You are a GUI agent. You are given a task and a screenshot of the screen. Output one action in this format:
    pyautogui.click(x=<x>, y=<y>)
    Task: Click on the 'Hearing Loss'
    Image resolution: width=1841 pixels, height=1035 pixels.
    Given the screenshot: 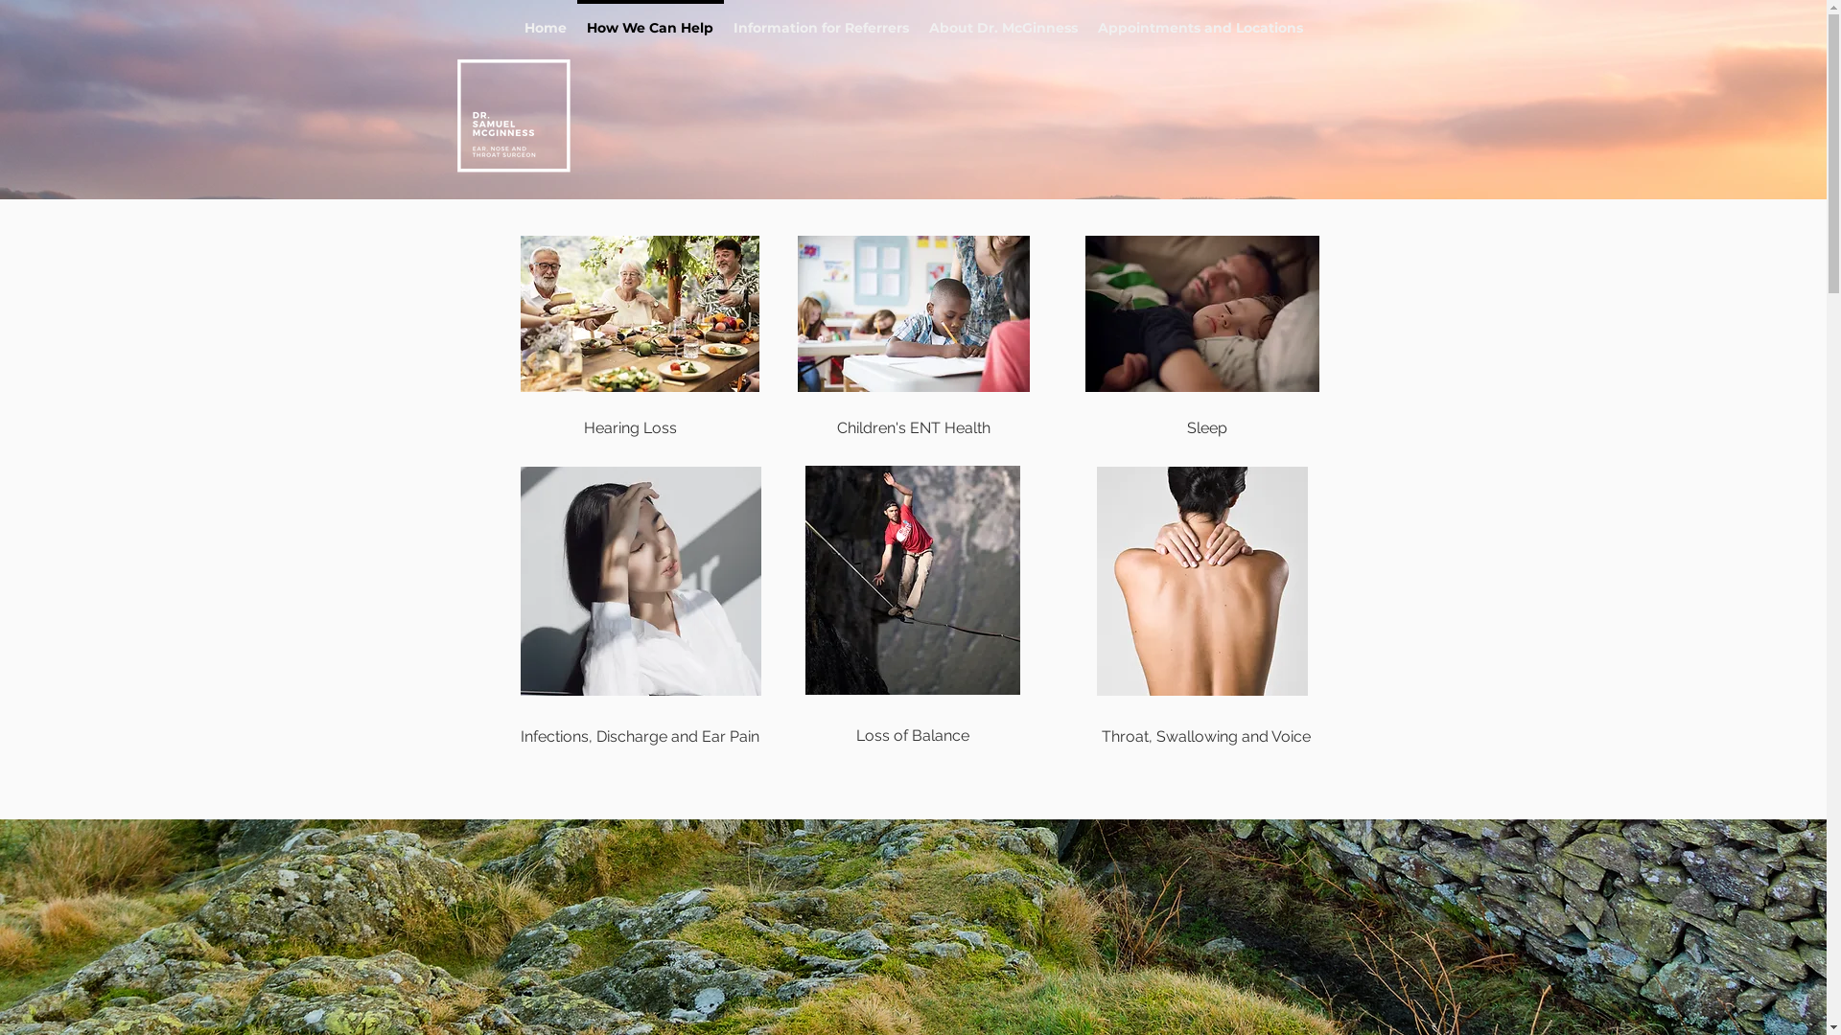 What is the action you would take?
    pyautogui.click(x=629, y=427)
    